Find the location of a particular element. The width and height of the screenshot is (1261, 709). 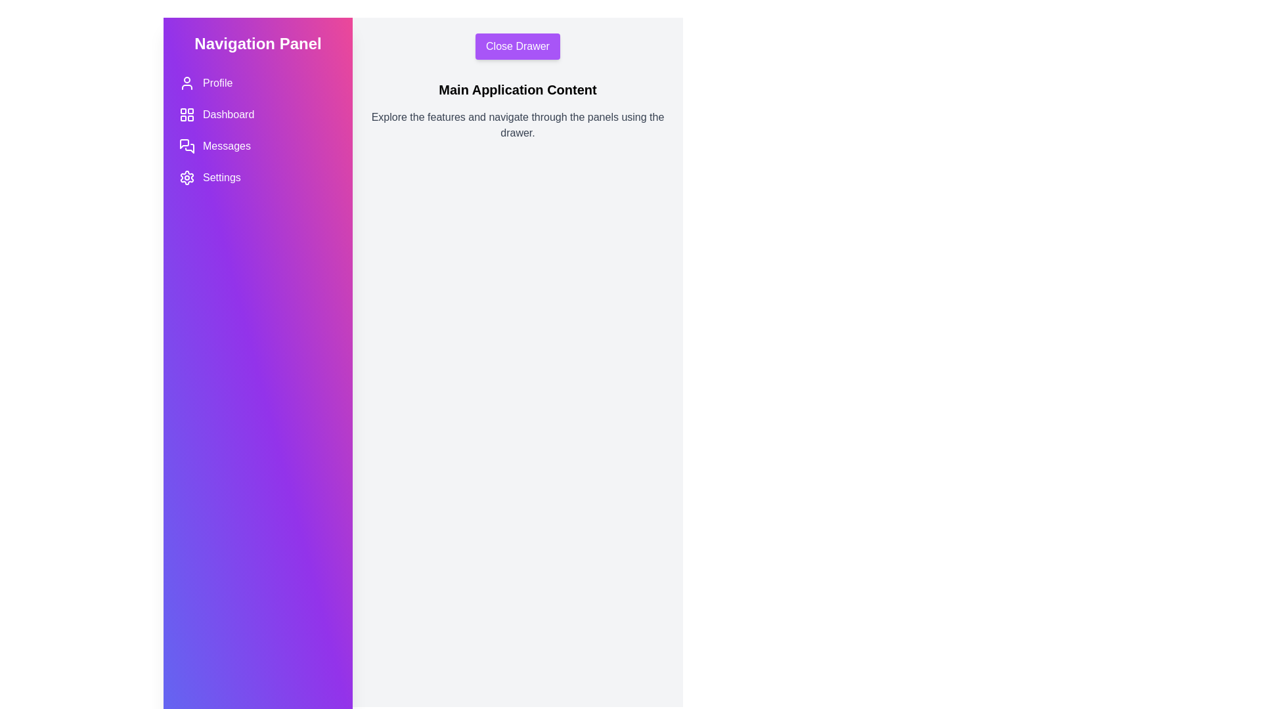

the navigation button for Dashboard to navigate to the corresponding section is located at coordinates (258, 114).